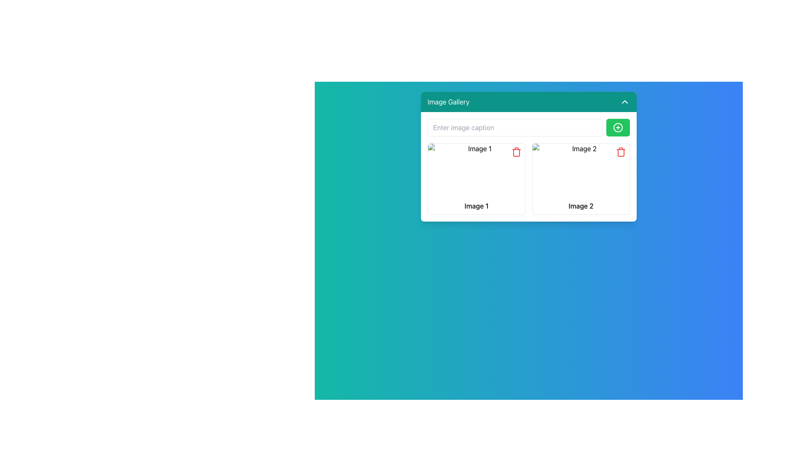 This screenshot has height=455, width=809. What do you see at coordinates (621, 153) in the screenshot?
I see `the delete button located in the top-right corner of the 'Image 2' box` at bounding box center [621, 153].